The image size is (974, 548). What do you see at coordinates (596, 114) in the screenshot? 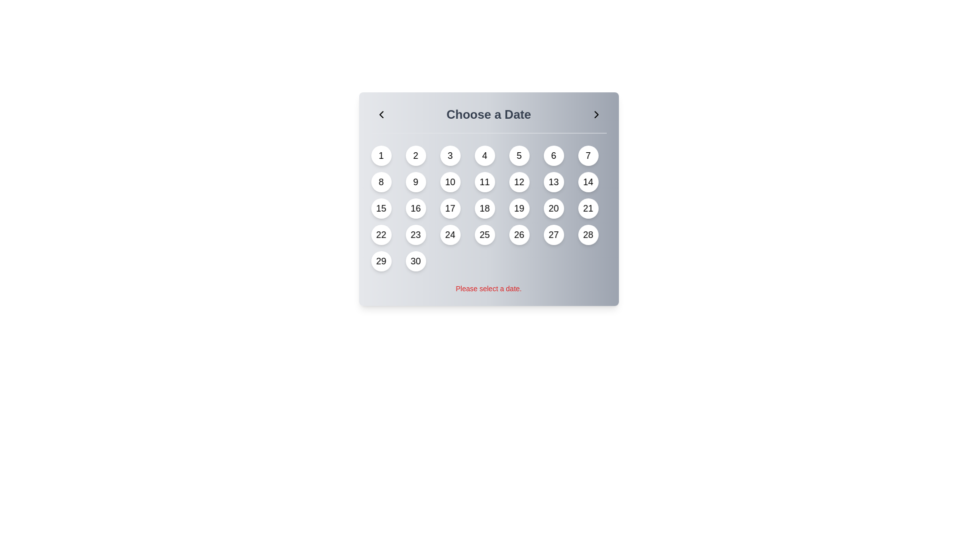
I see `the rightward-pointing chevron button located near the top-right corner of the modal header` at bounding box center [596, 114].